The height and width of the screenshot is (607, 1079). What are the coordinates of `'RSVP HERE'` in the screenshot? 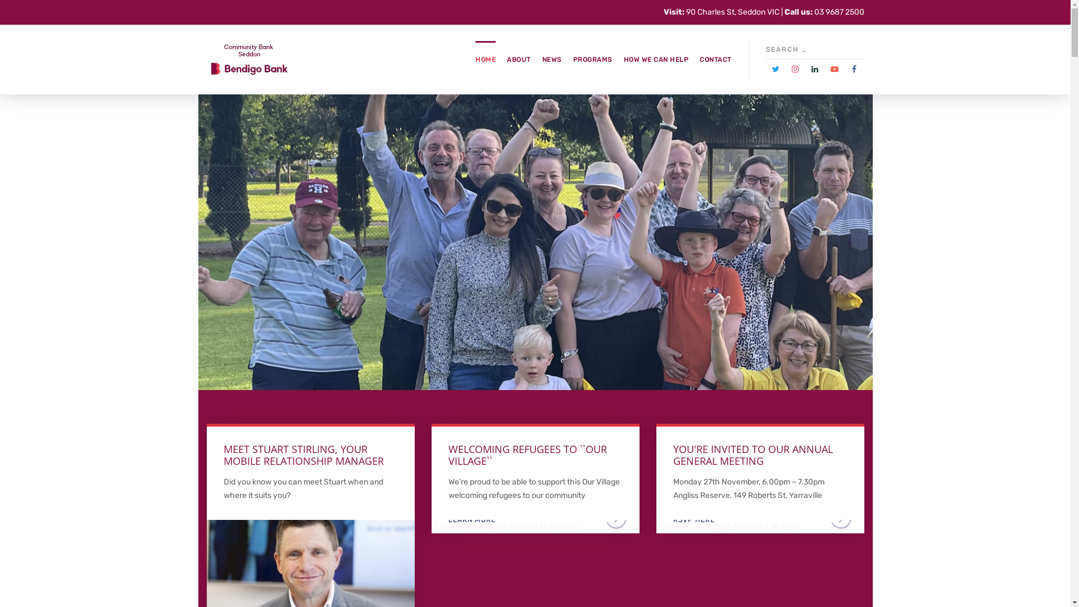 It's located at (656, 526).